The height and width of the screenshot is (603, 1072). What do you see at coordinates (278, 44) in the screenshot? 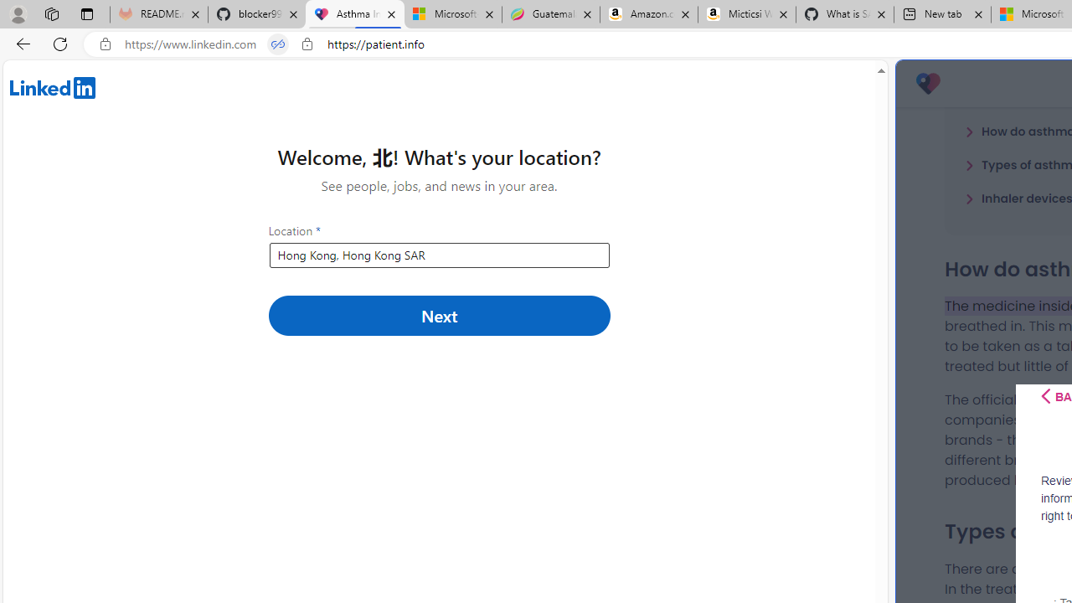
I see `'Tabs in split screen'` at bounding box center [278, 44].